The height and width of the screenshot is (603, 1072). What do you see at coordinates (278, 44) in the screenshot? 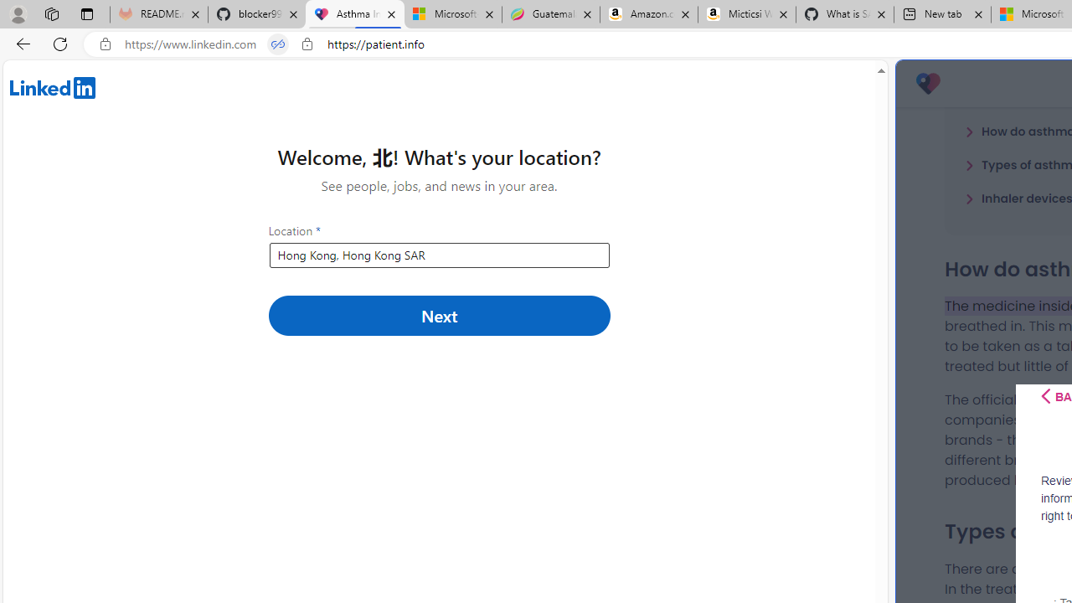
I see `'Tabs in split screen'` at bounding box center [278, 44].